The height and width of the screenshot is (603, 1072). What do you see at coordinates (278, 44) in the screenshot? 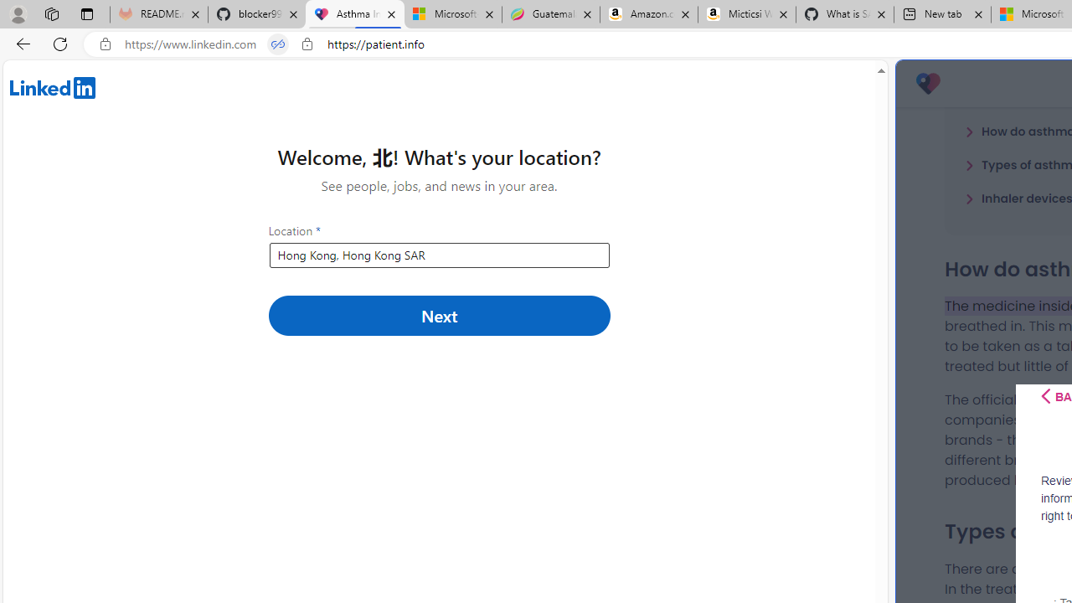
I see `'Tabs in split screen'` at bounding box center [278, 44].